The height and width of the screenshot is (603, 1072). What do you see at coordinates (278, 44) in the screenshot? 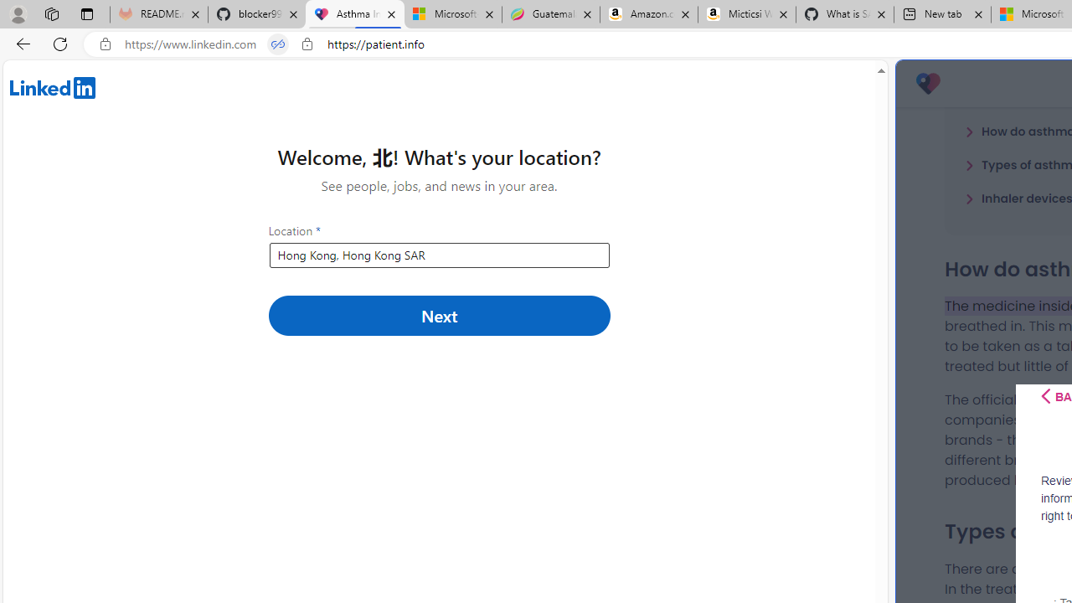
I see `'Tabs in split screen'` at bounding box center [278, 44].